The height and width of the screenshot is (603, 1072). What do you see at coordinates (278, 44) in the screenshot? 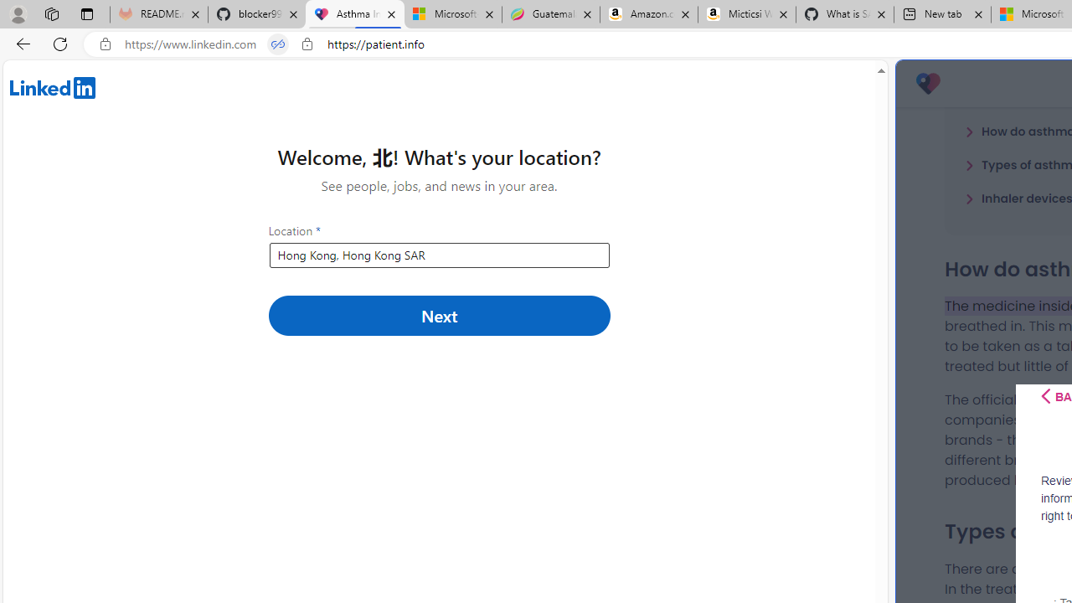
I see `'Tabs in split screen'` at bounding box center [278, 44].